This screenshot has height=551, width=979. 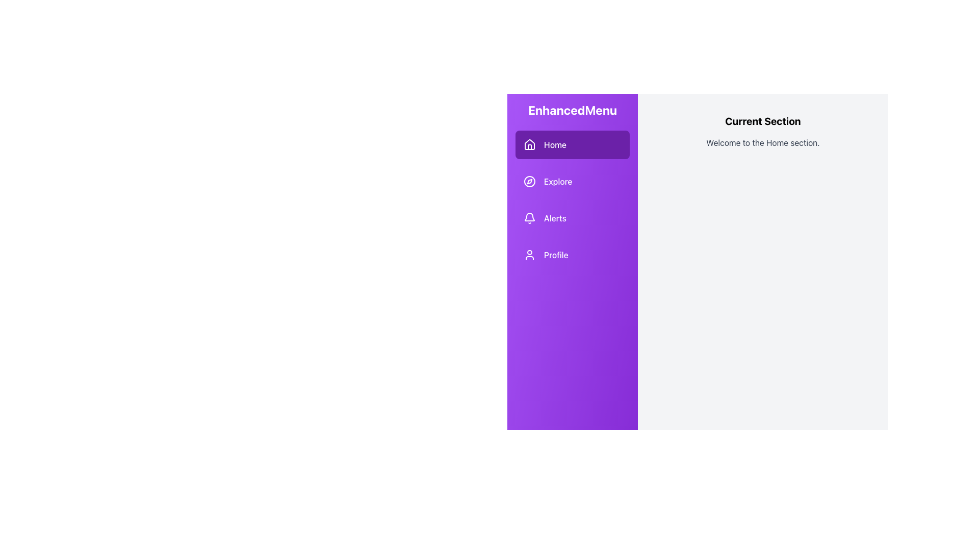 I want to click on the 'Profile' button in the vertical side menu, so click(x=573, y=255).